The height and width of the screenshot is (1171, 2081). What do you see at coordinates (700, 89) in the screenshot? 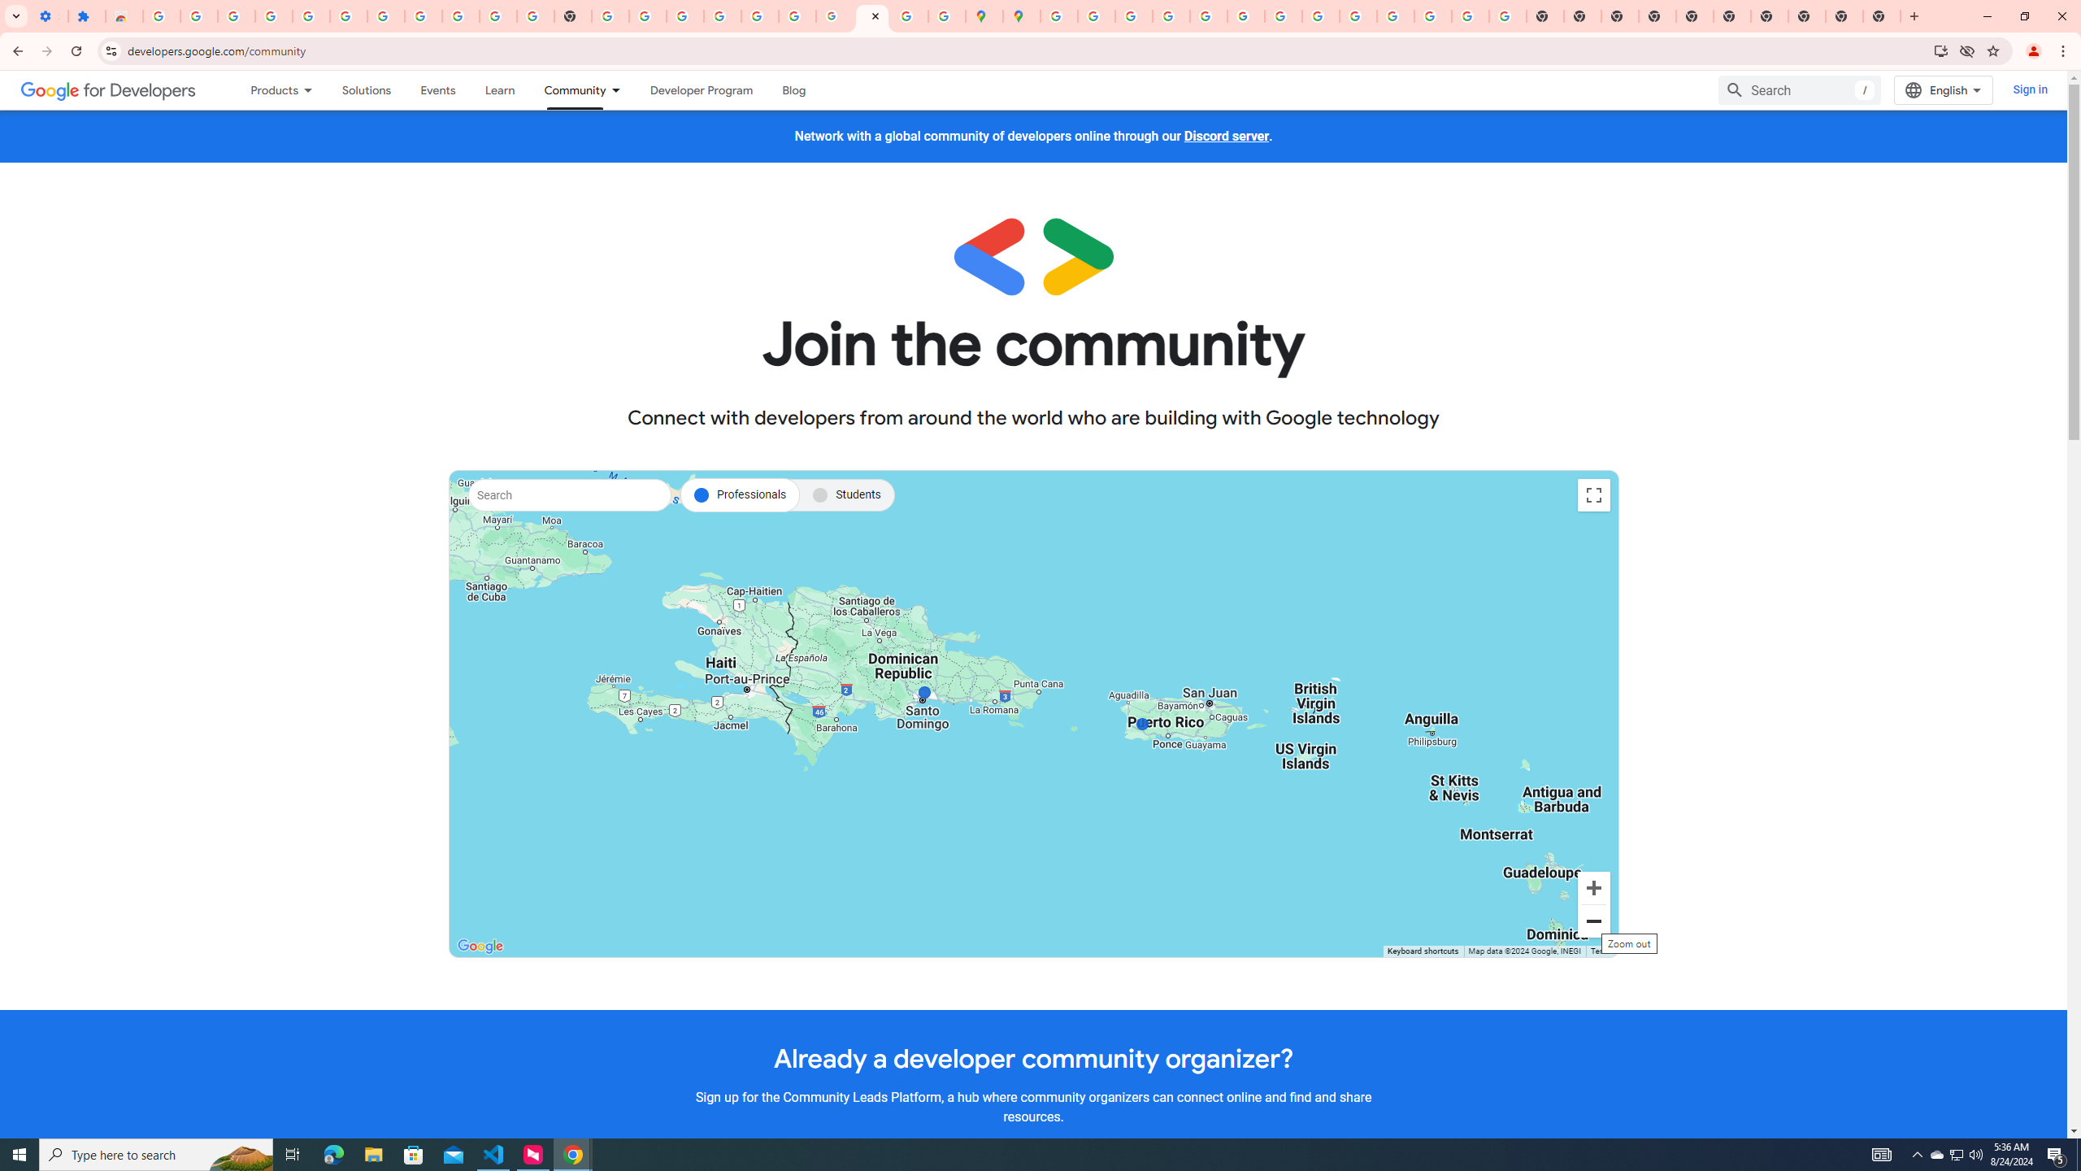
I see `'Developer Program'` at bounding box center [700, 89].